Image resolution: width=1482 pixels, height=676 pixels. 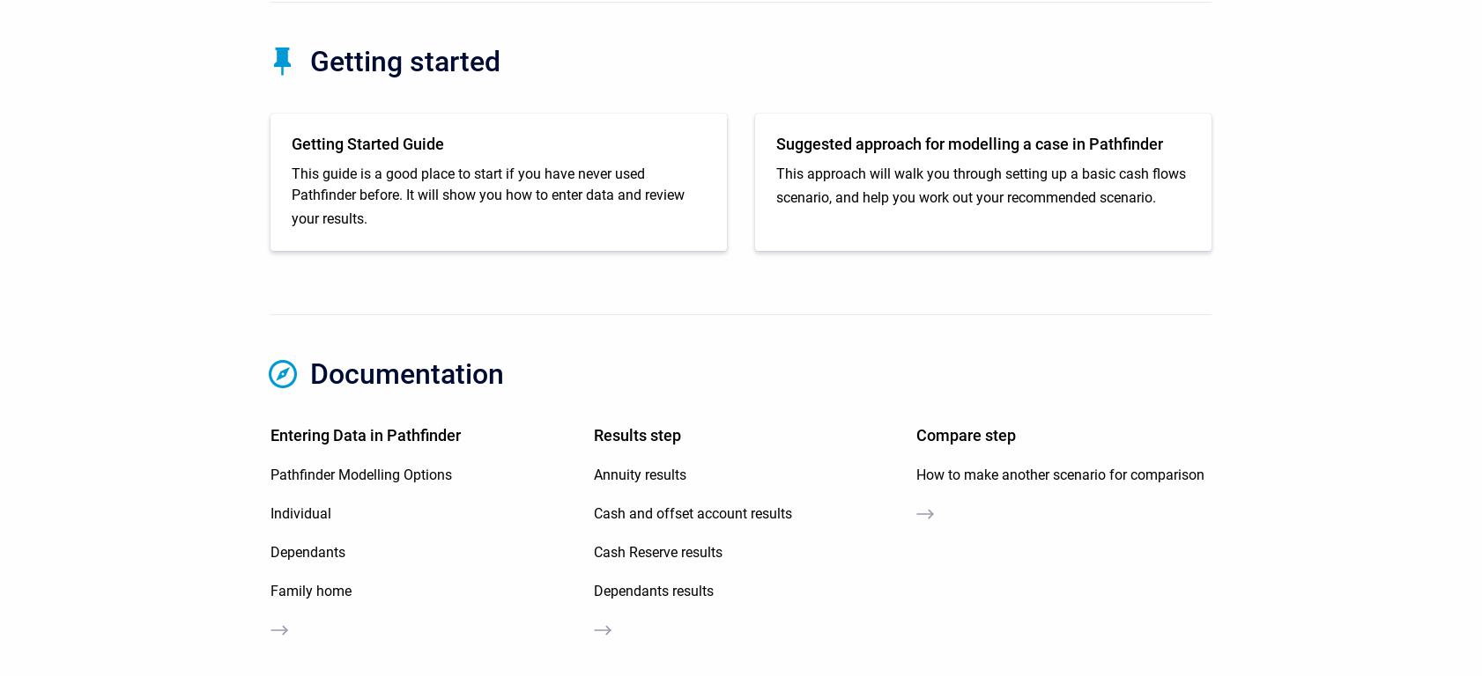 I want to click on 'Dependants', so click(x=269, y=551).